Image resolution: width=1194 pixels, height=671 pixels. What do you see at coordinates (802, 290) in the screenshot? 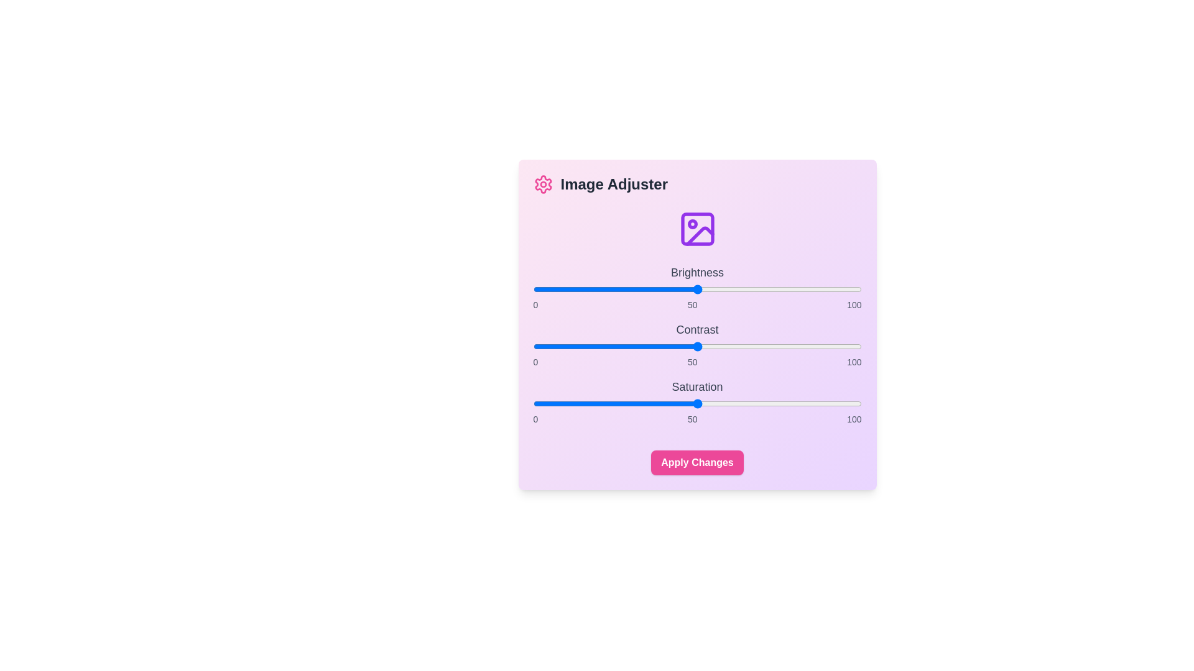
I see `the brightness slider to 82 value` at bounding box center [802, 290].